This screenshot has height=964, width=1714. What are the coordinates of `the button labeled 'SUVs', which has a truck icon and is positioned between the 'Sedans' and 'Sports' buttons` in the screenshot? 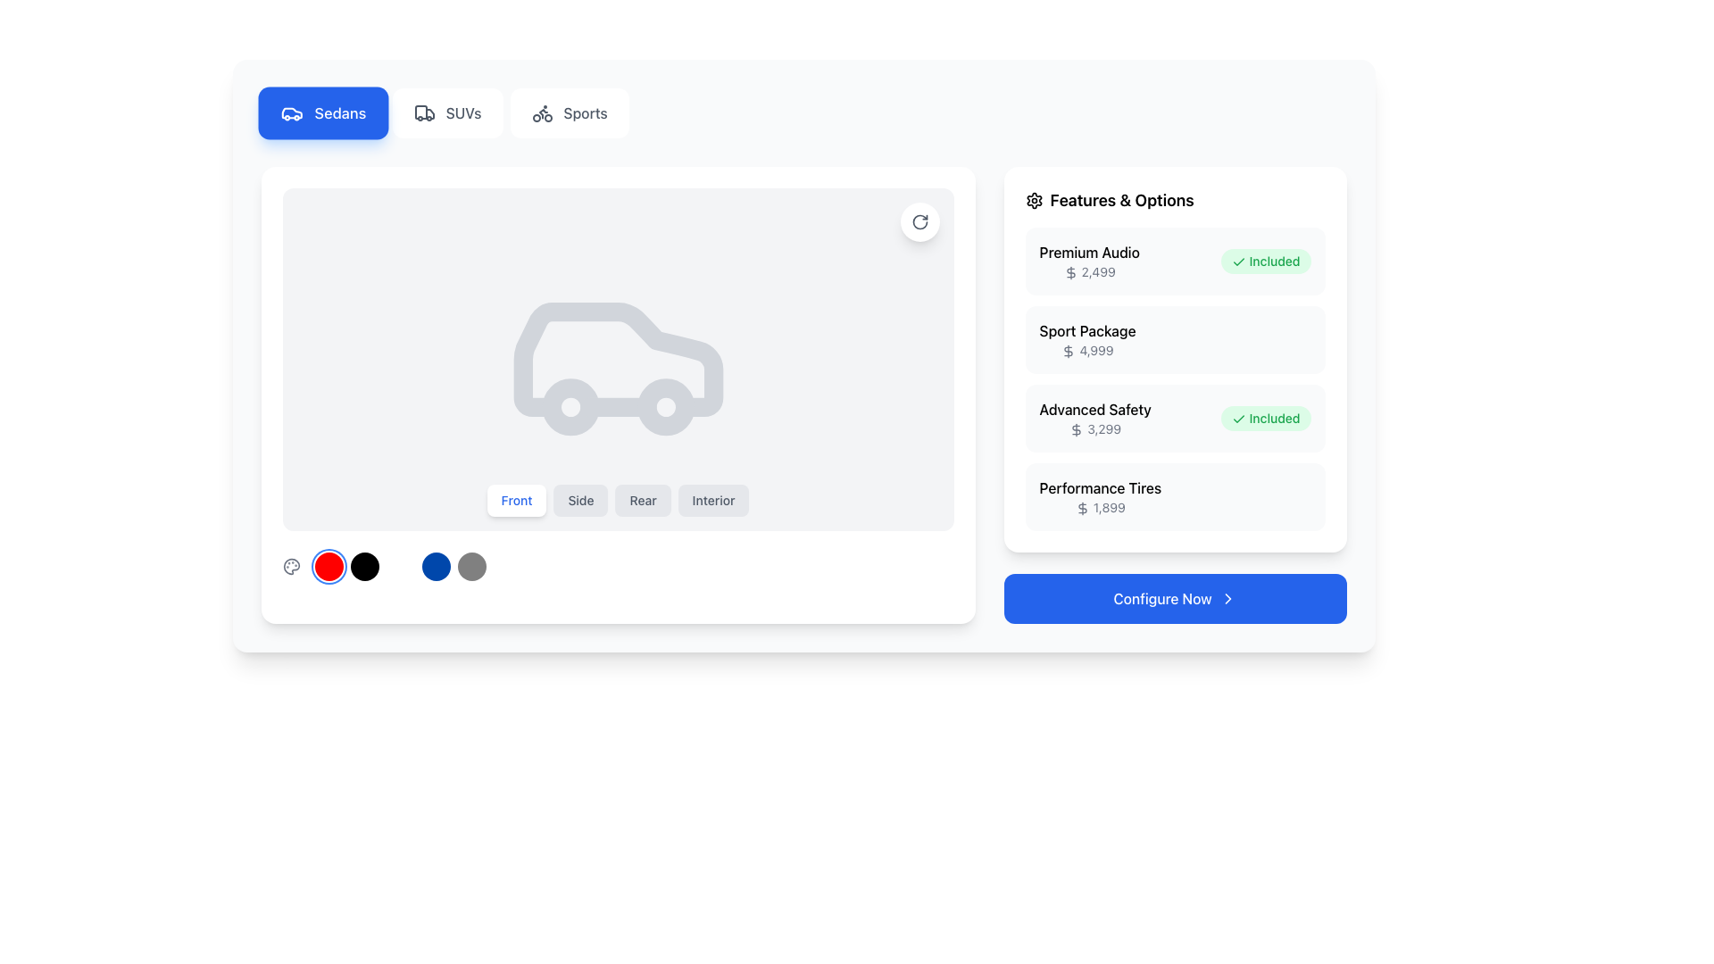 It's located at (447, 113).